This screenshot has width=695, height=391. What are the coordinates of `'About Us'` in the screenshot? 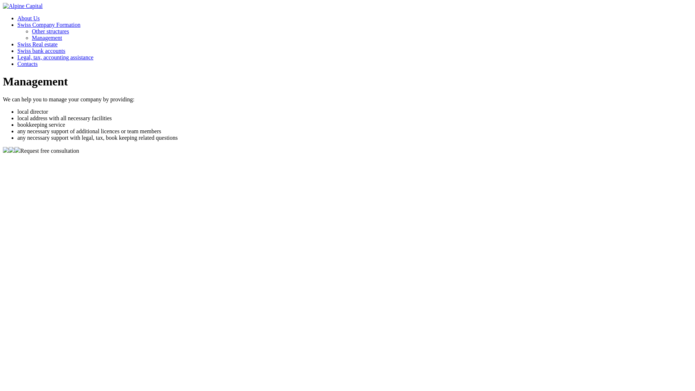 It's located at (28, 18).